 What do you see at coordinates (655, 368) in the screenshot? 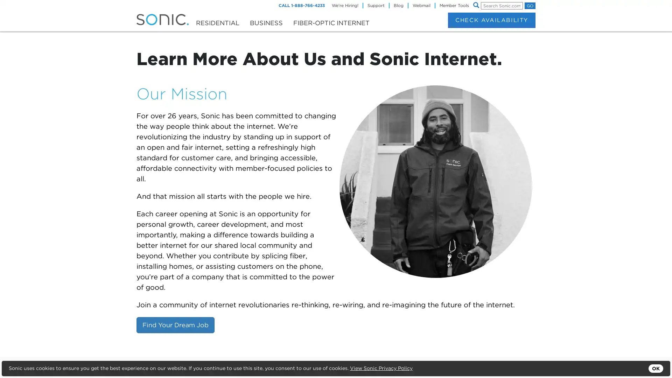
I see `OK` at bounding box center [655, 368].